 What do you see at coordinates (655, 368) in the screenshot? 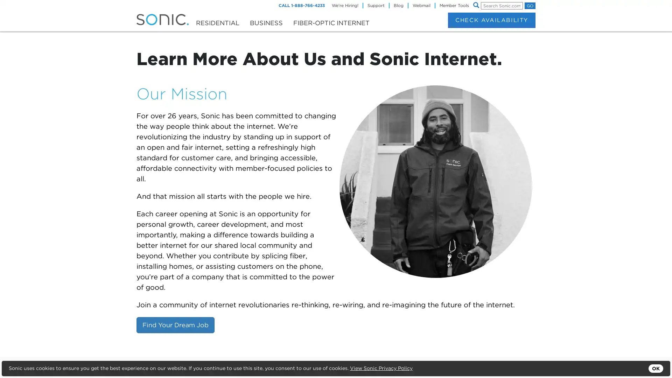
I see `OK` at bounding box center [655, 368].